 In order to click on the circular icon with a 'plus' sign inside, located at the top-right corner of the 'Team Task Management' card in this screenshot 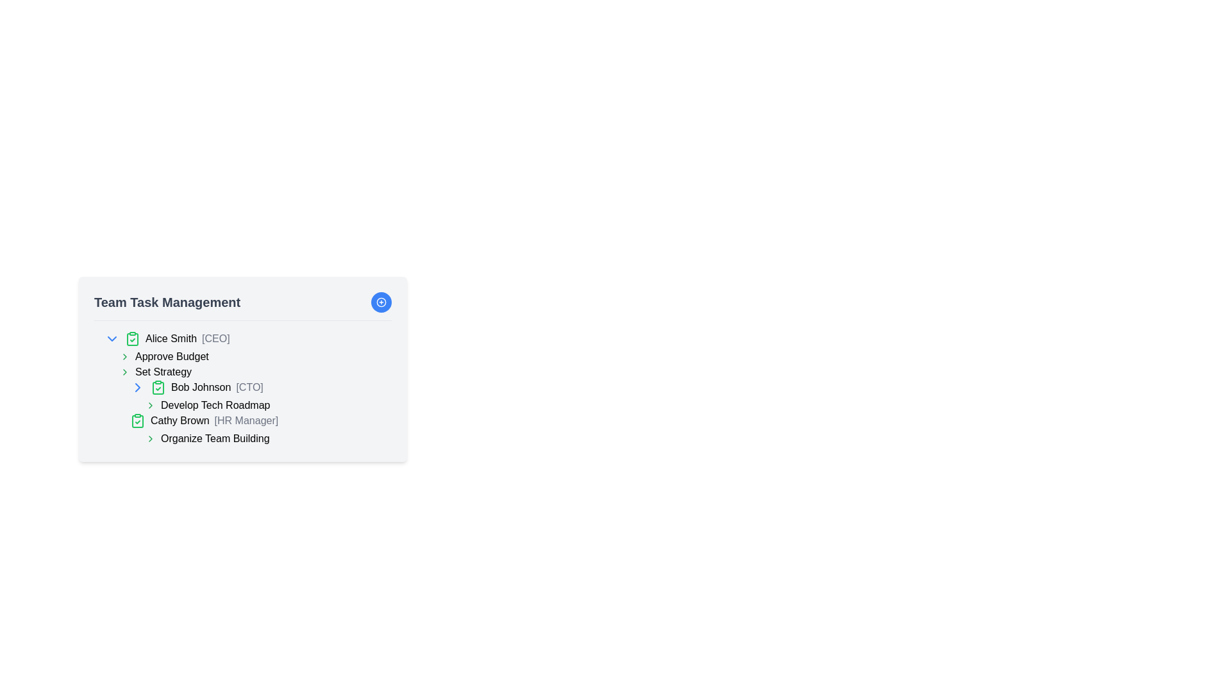, I will do `click(381, 302)`.